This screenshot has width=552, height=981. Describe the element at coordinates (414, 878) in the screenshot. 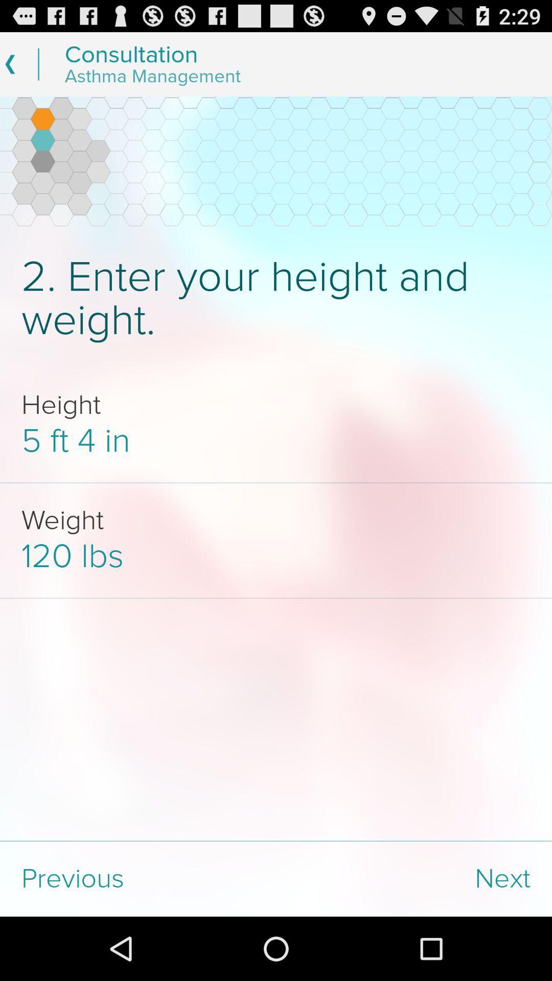

I see `item to the right of the previous app` at that location.